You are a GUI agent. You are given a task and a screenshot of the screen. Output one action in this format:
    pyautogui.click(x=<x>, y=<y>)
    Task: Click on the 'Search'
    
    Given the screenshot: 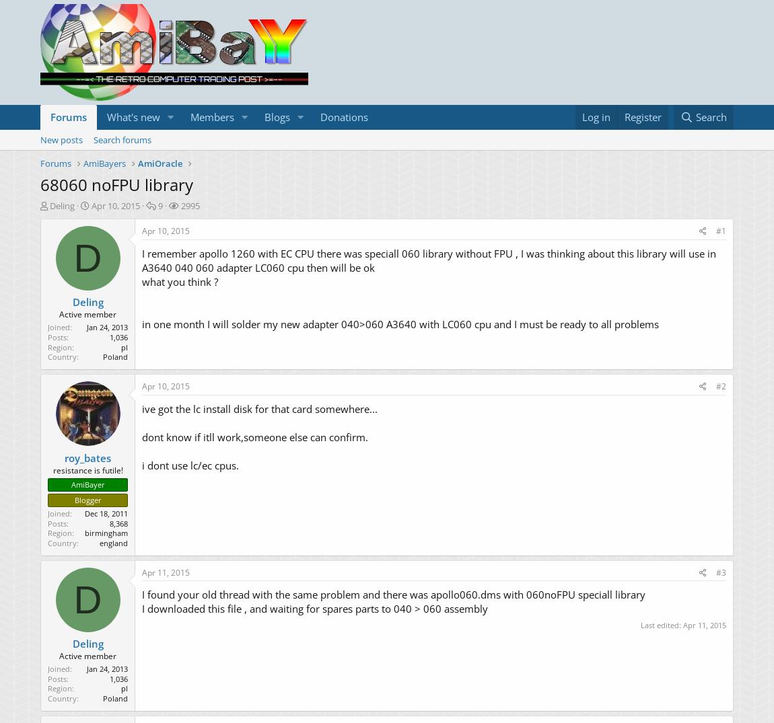 What is the action you would take?
    pyautogui.click(x=711, y=116)
    